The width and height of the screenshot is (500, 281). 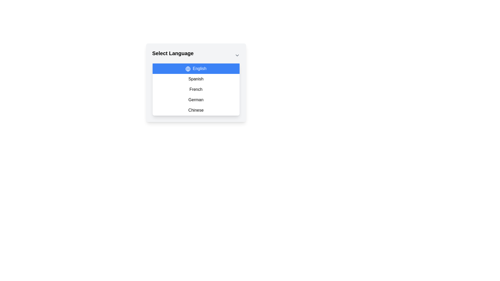 What do you see at coordinates (196, 89) in the screenshot?
I see `the dropdown menu containing language options` at bounding box center [196, 89].